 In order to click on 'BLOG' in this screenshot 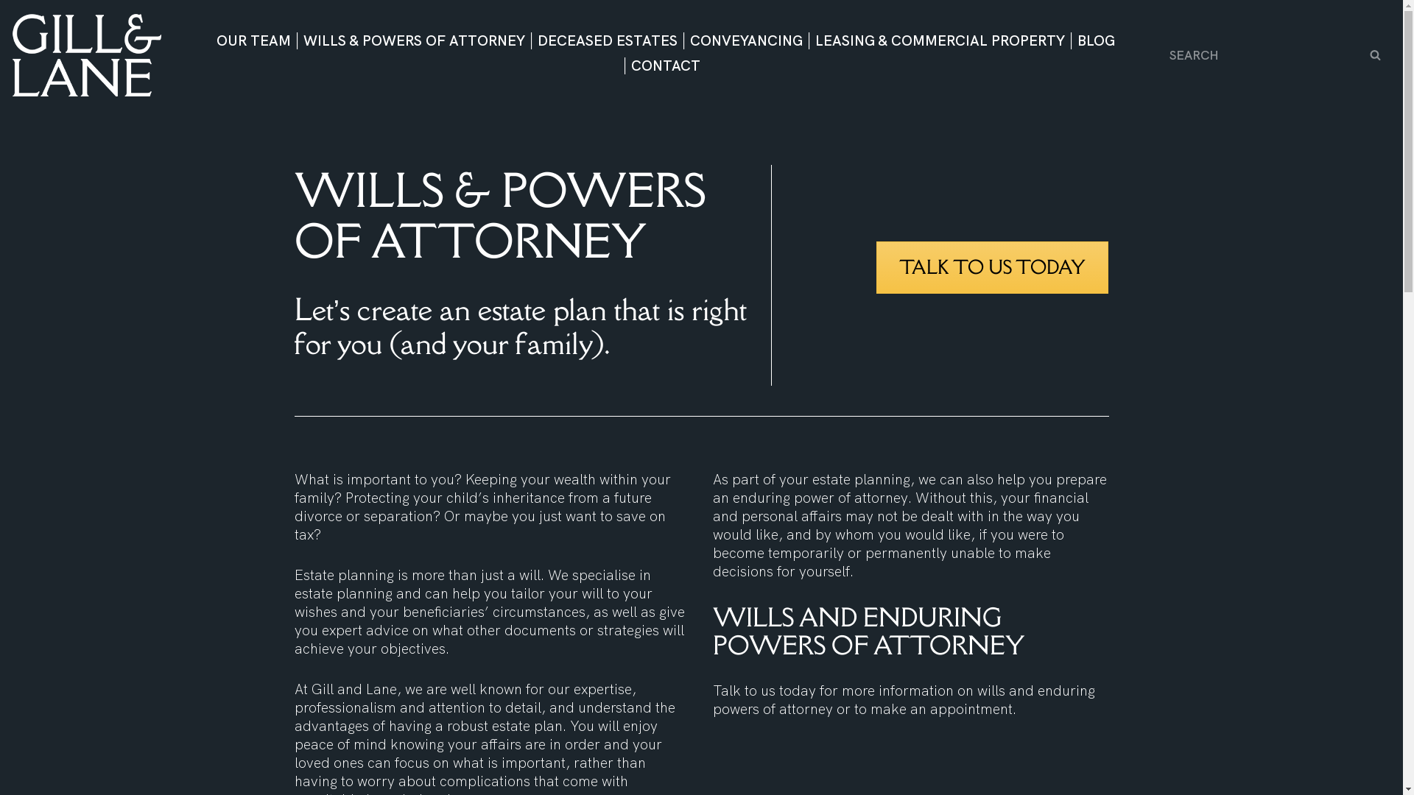, I will do `click(1071, 40)`.